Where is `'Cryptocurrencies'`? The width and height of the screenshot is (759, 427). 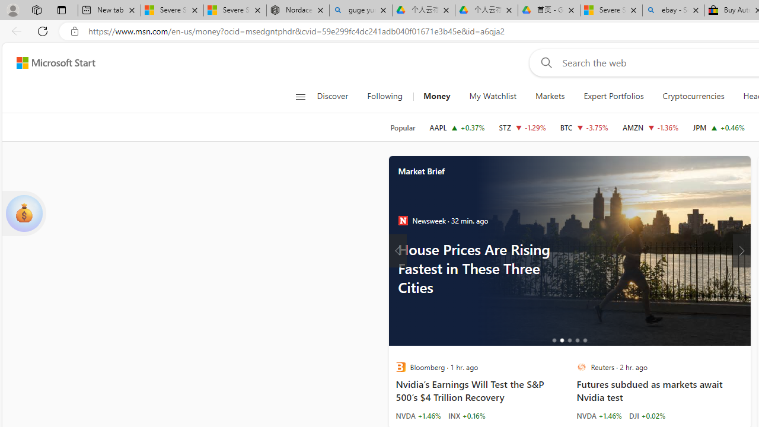
'Cryptocurrencies' is located at coordinates (693, 96).